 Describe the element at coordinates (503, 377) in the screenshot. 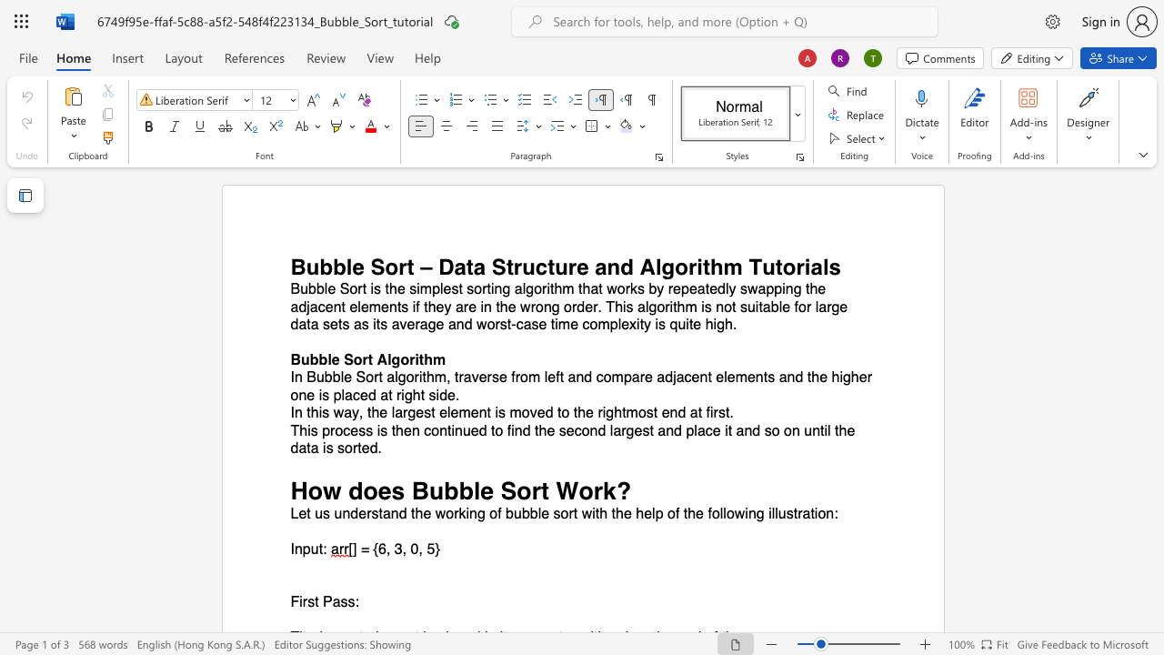

I see `the 3th character "e" in the text` at that location.